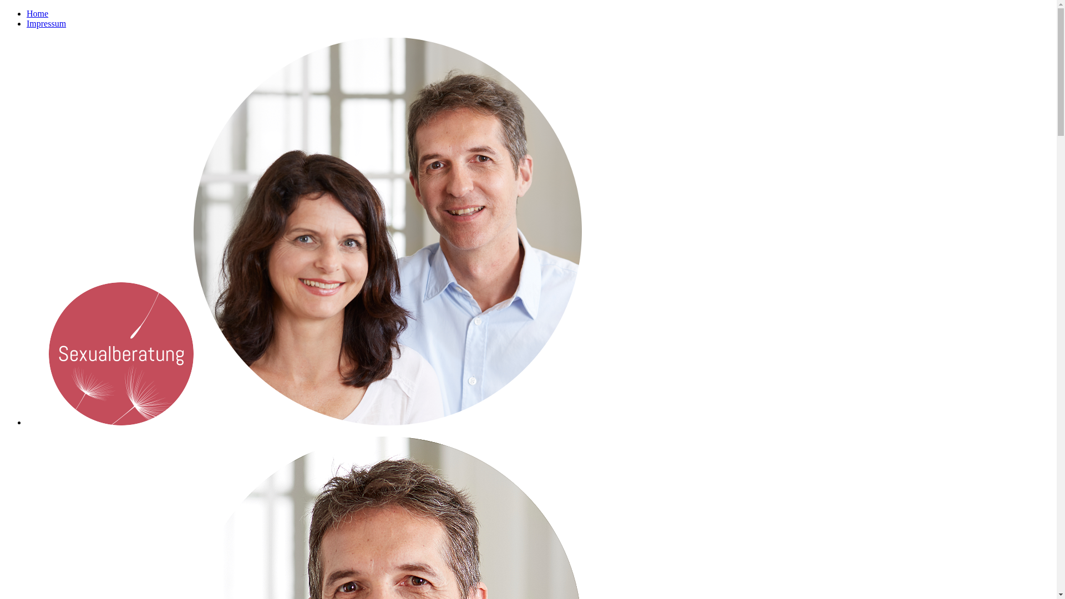  I want to click on 'Impressum', so click(45, 23).